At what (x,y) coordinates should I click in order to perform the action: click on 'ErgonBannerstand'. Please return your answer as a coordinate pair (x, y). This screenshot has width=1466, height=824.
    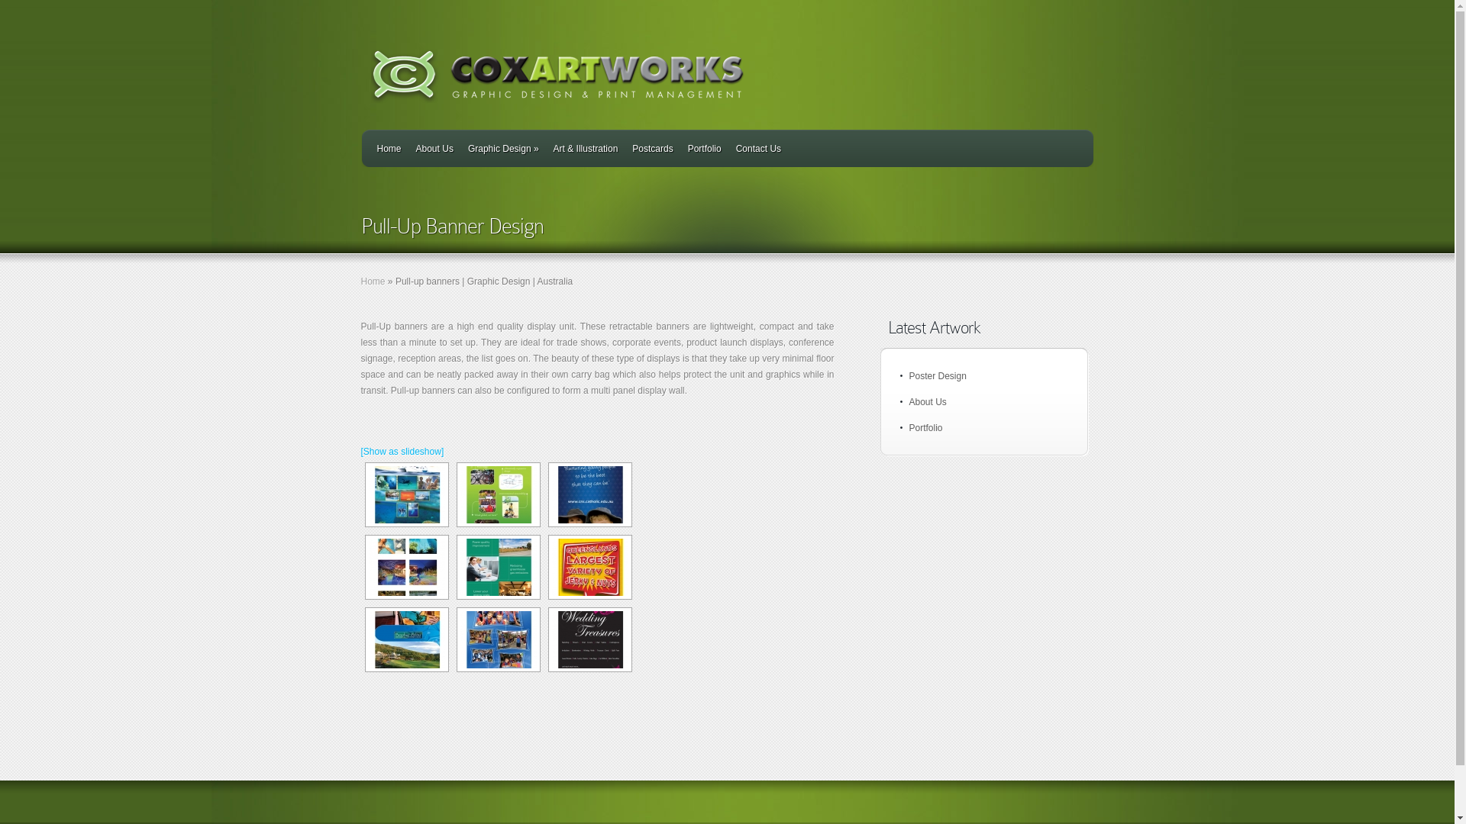
    Looking at the image, I should click on (498, 567).